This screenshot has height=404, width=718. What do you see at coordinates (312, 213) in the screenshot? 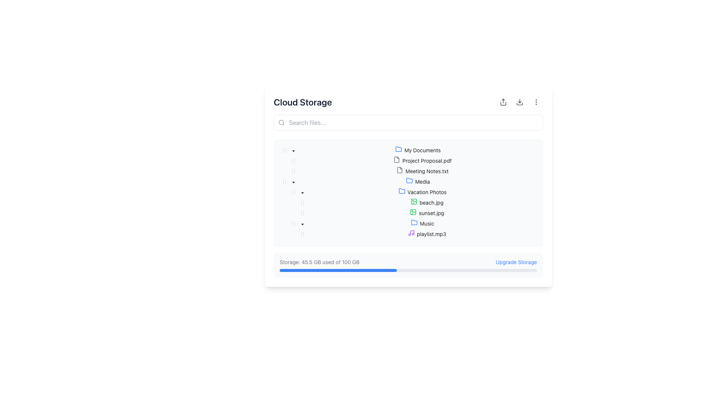
I see `the structural marker element for the 'sunset.jpg' entry in the file tree` at bounding box center [312, 213].